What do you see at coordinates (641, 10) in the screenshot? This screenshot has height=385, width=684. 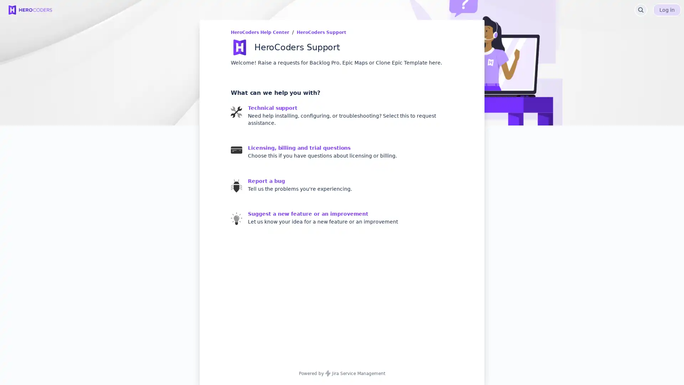 I see `Search` at bounding box center [641, 10].